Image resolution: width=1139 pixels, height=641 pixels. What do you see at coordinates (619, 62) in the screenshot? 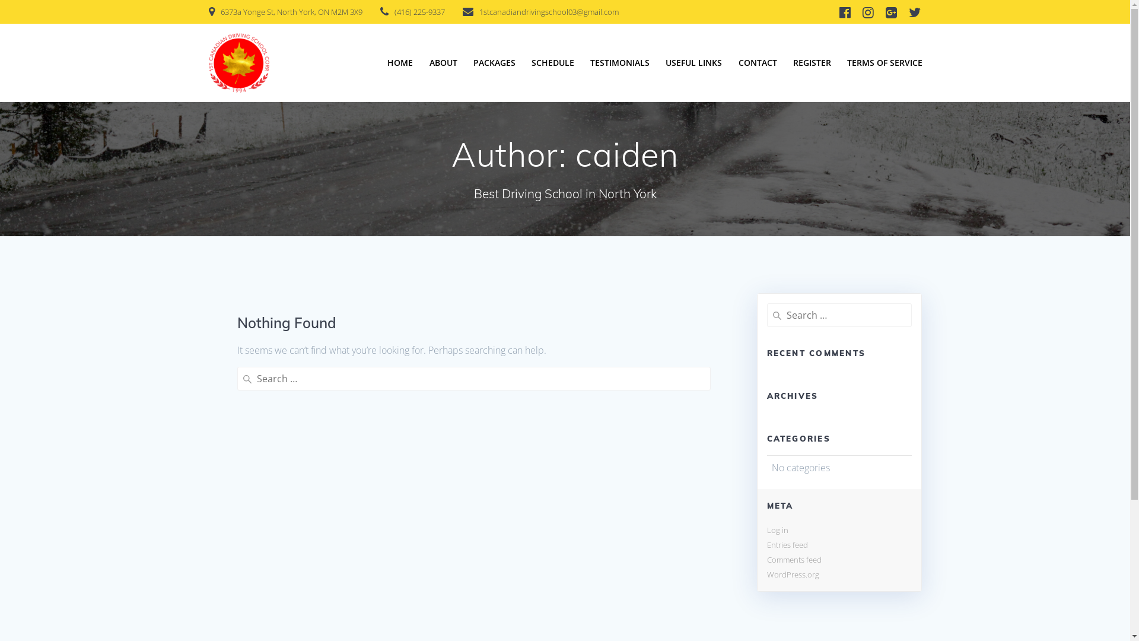
I see `'TESTIMONIALS'` at bounding box center [619, 62].